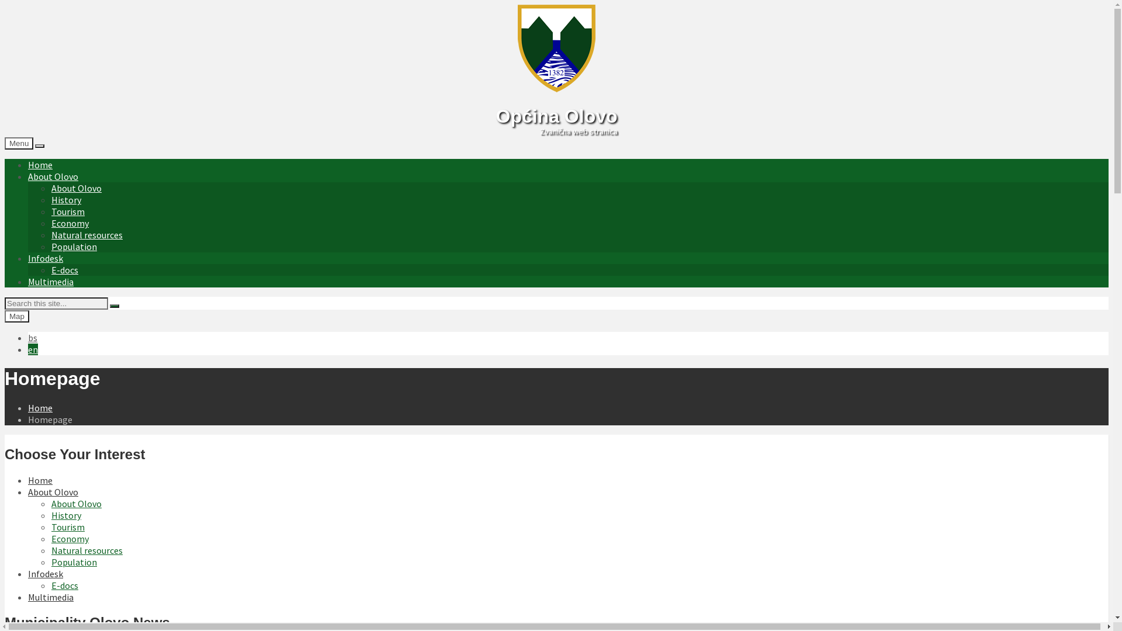  Describe the element at coordinates (50, 597) in the screenshot. I see `'Multimedia'` at that location.